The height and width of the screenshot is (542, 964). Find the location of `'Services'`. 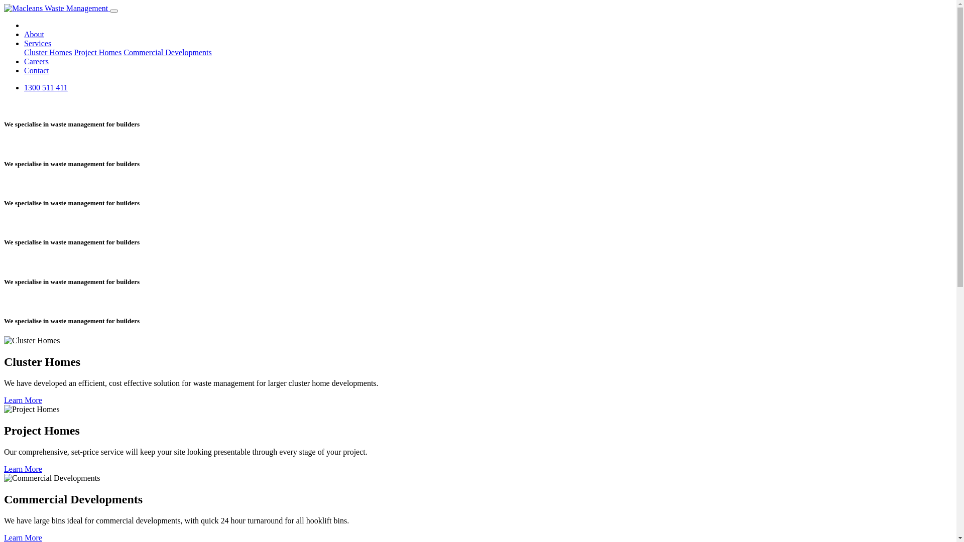

'Services' is located at coordinates (24, 43).